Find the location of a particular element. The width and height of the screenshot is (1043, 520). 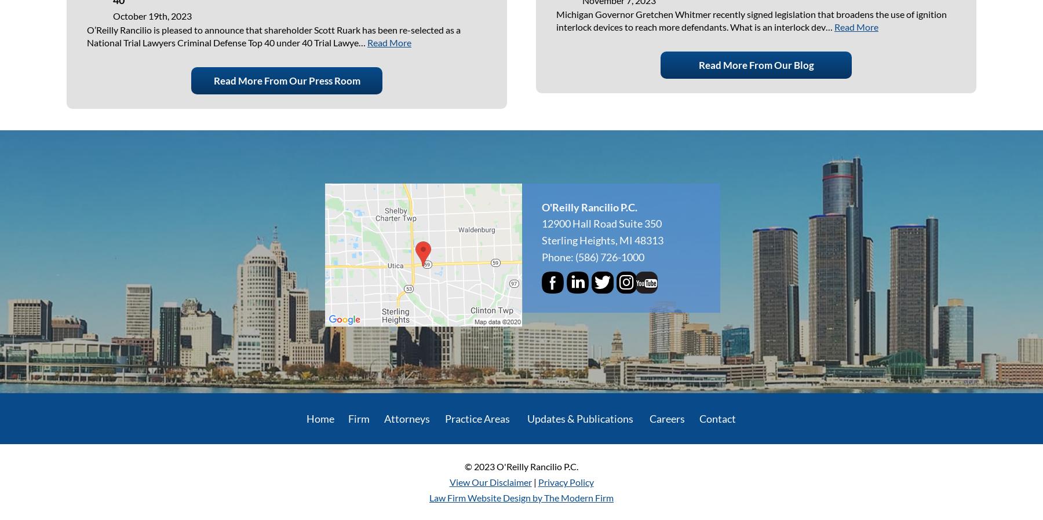

'Home' is located at coordinates (319, 418).